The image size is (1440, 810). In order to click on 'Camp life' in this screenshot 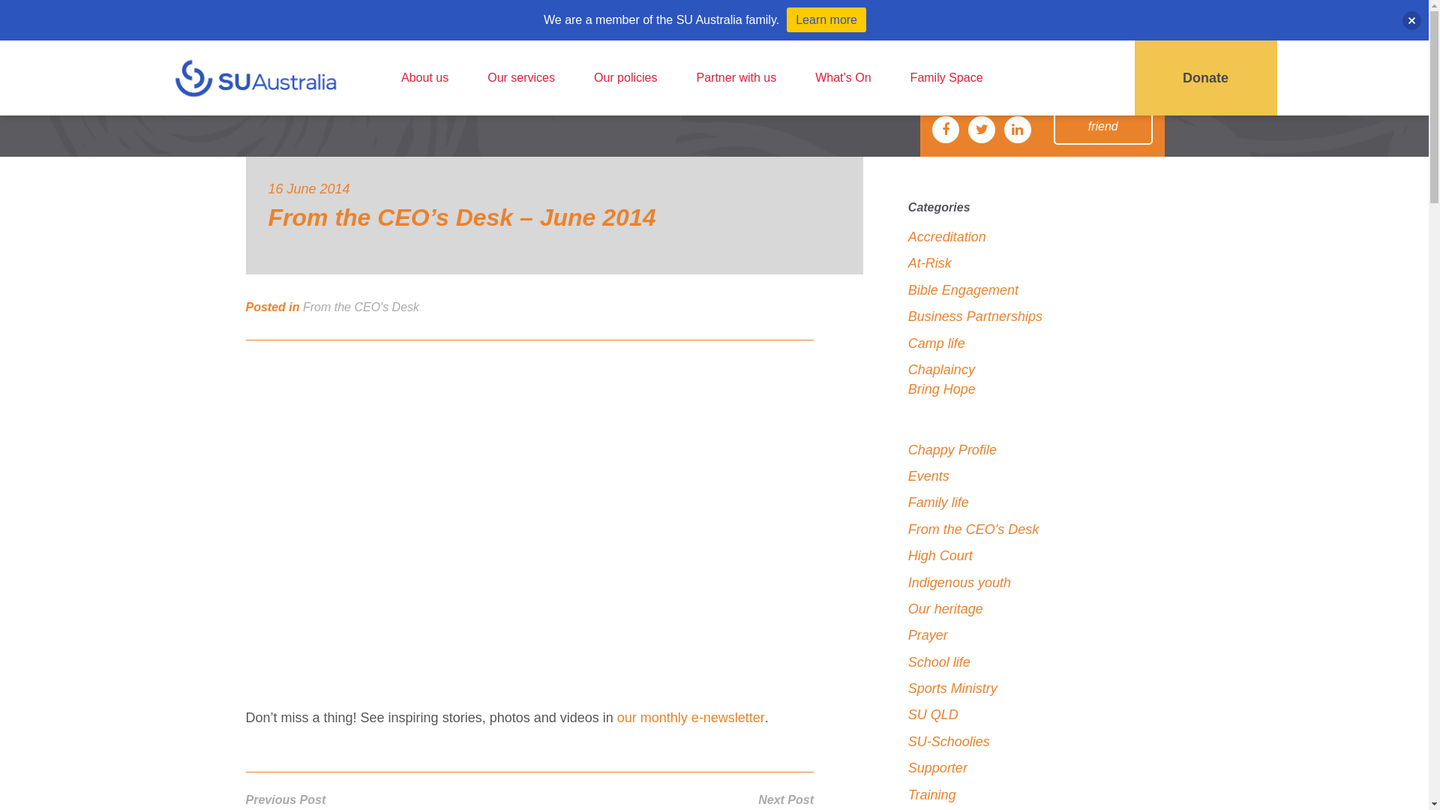, I will do `click(935, 342)`.